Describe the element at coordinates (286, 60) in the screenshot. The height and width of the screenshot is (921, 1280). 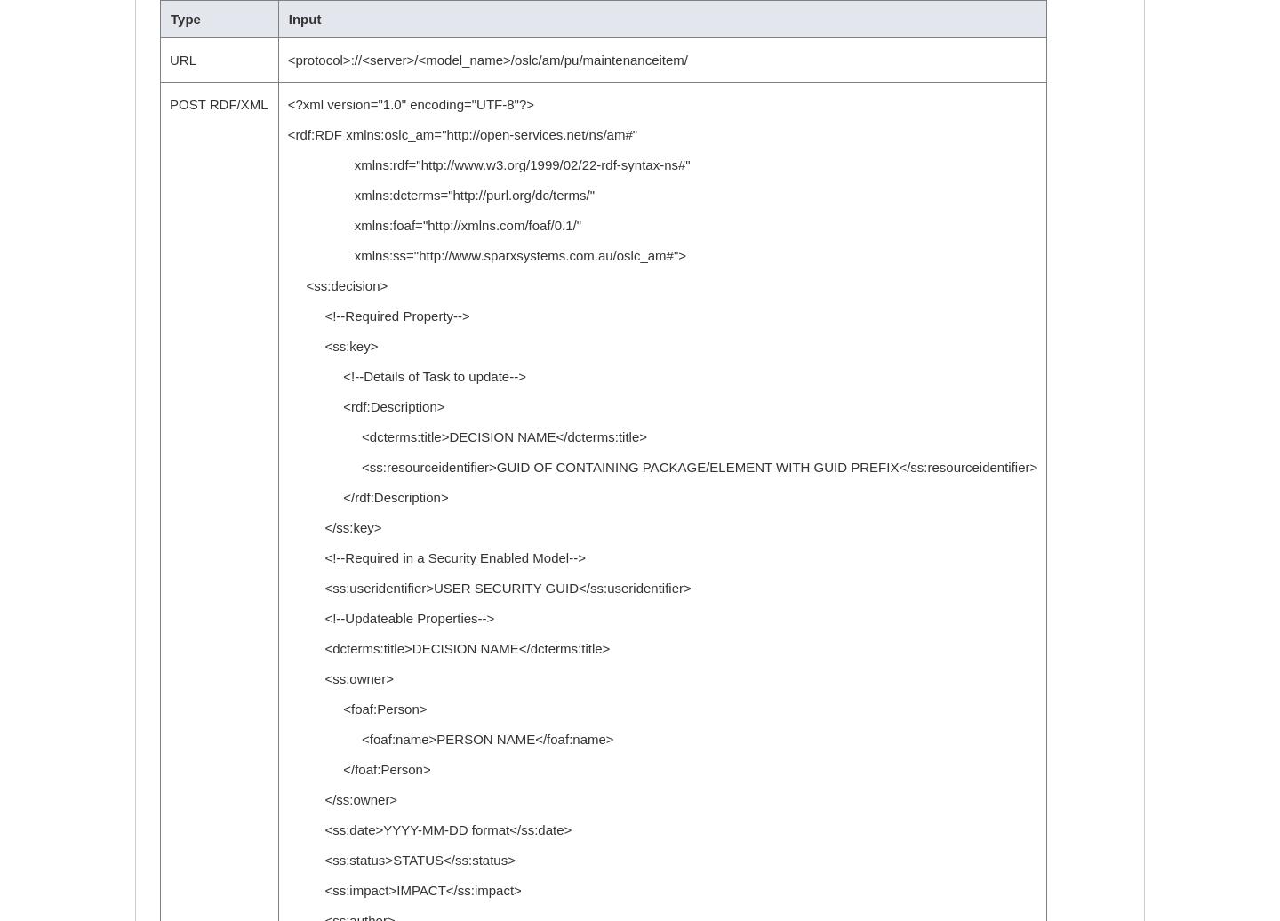
I see `'<protocol>://<server>/<model_name>/oslc/am/pu/maintenanceitem/'` at that location.